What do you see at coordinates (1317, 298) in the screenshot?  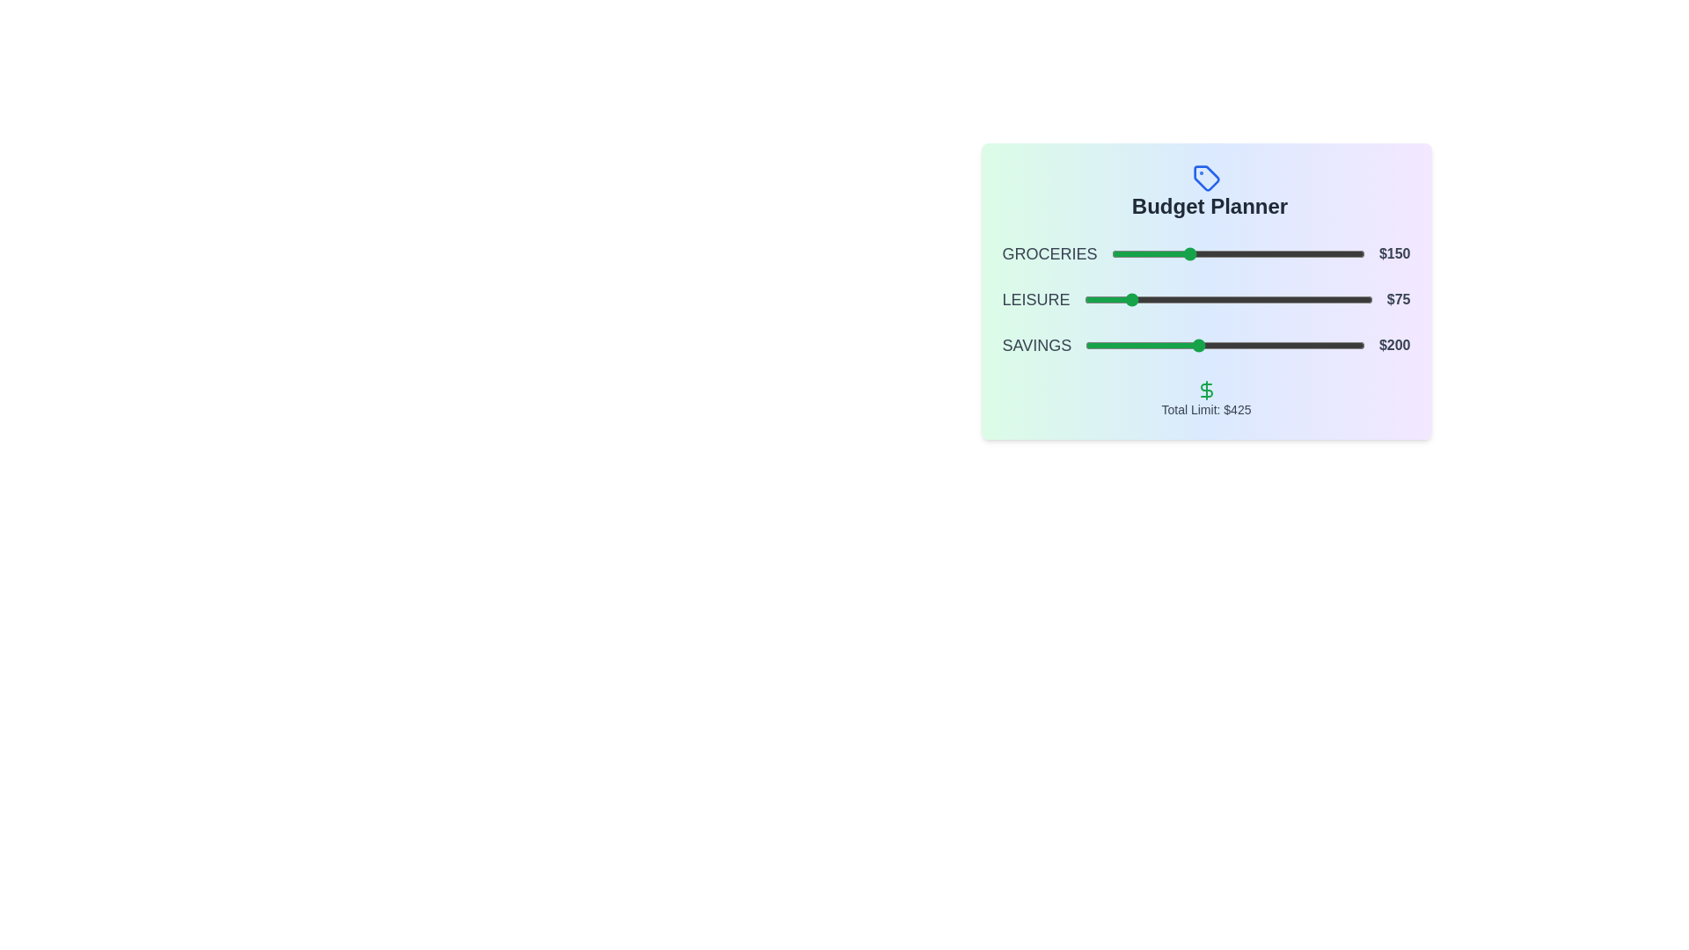 I see `the slider for 1 to 405` at bounding box center [1317, 298].